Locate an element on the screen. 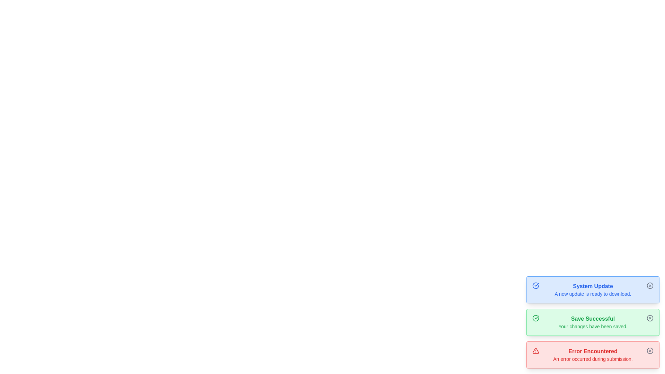  the Text Label that indicates a successful save confirmation within the green success notification labeled 'Save Successful' is located at coordinates (593, 326).